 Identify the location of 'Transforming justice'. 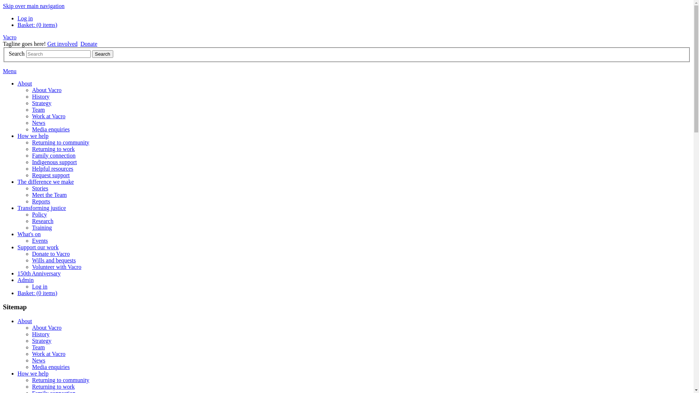
(41, 208).